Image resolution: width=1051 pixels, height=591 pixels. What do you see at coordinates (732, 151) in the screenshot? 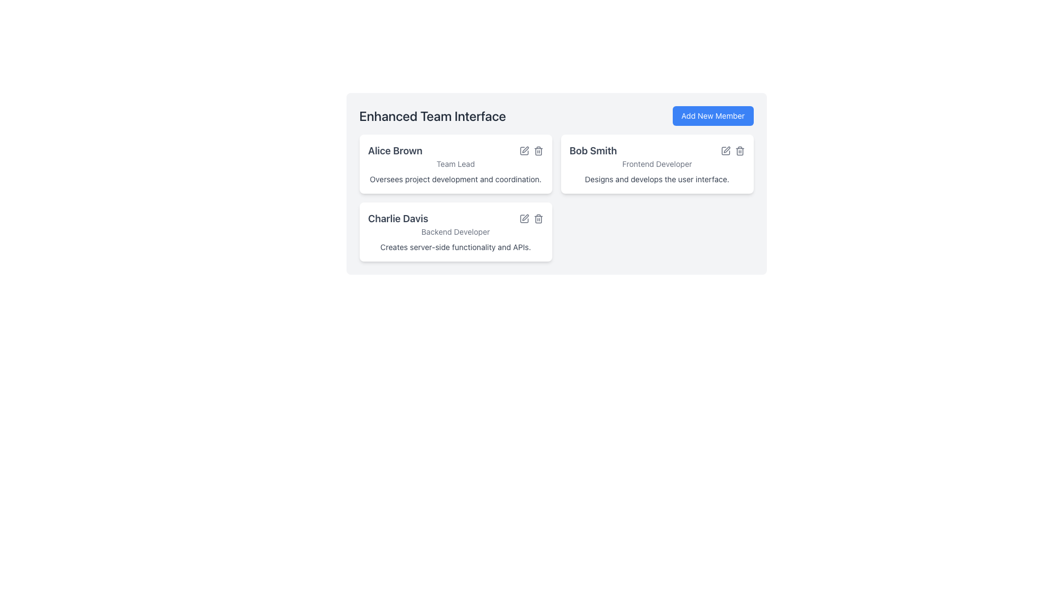
I see `the edit icon in the icon group with actions for 'Bob Smith'` at bounding box center [732, 151].